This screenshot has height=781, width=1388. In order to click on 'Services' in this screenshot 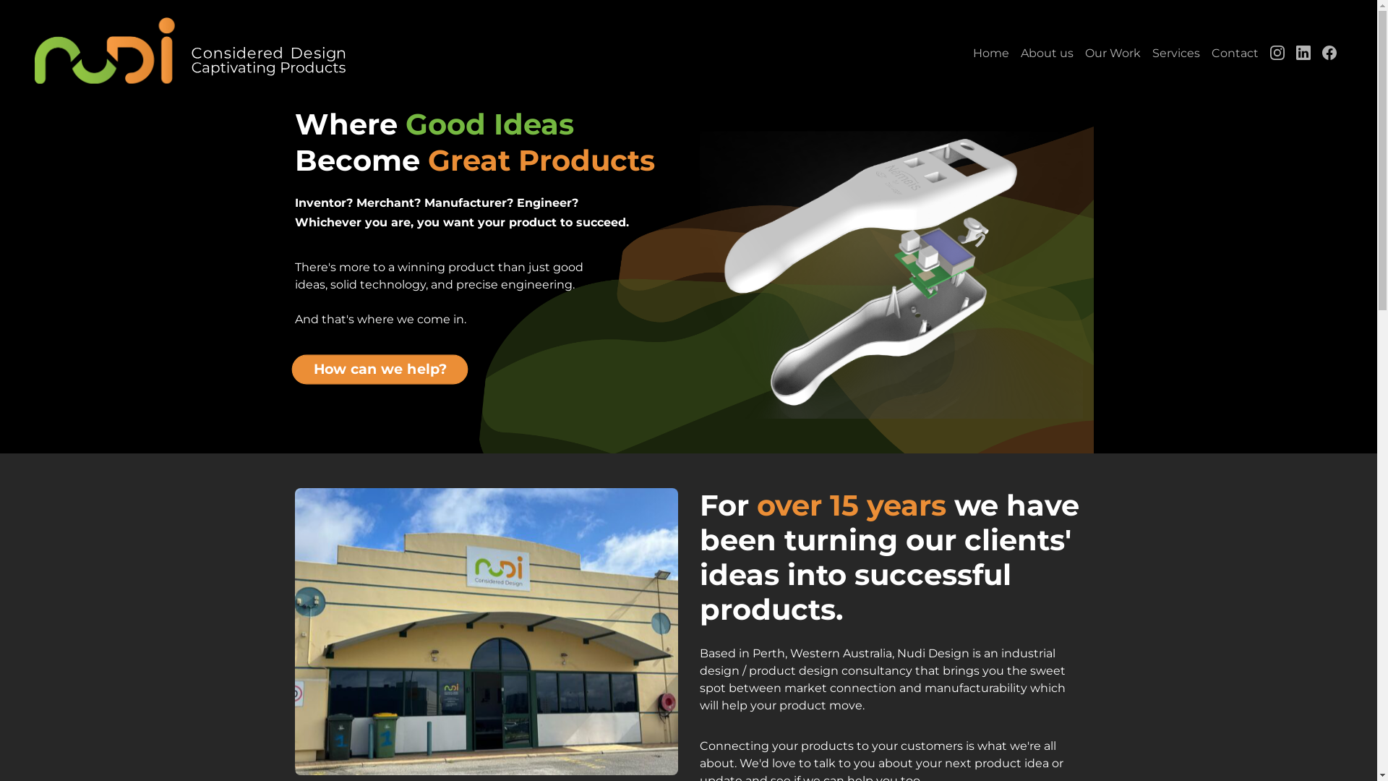, I will do `click(1176, 52)`.